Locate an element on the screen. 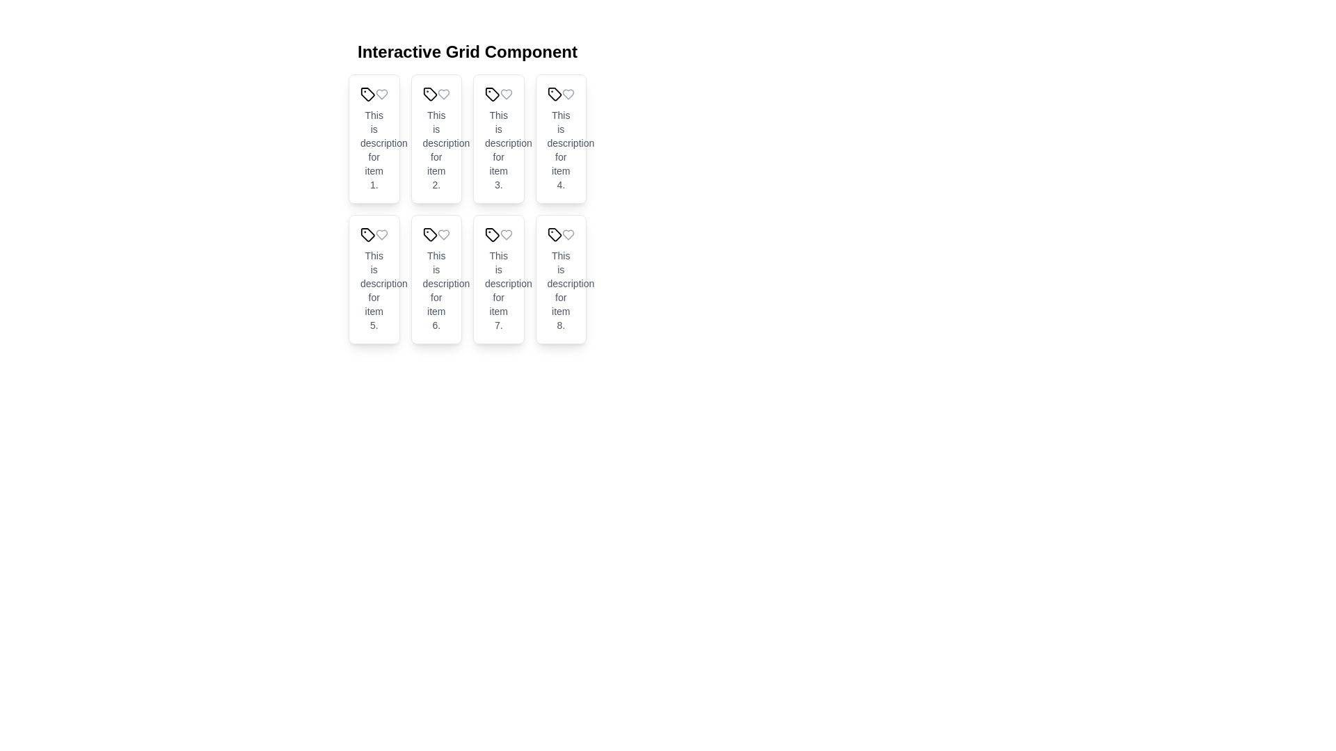 The width and height of the screenshot is (1336, 751). the heart-shaped button icon located at the top-right corner of the third tile in a grid of eight tiles, outlined in light gray with a transparent center is located at coordinates (505, 94).